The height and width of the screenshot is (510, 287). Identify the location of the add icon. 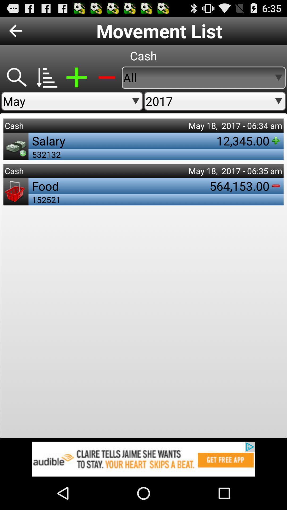
(77, 83).